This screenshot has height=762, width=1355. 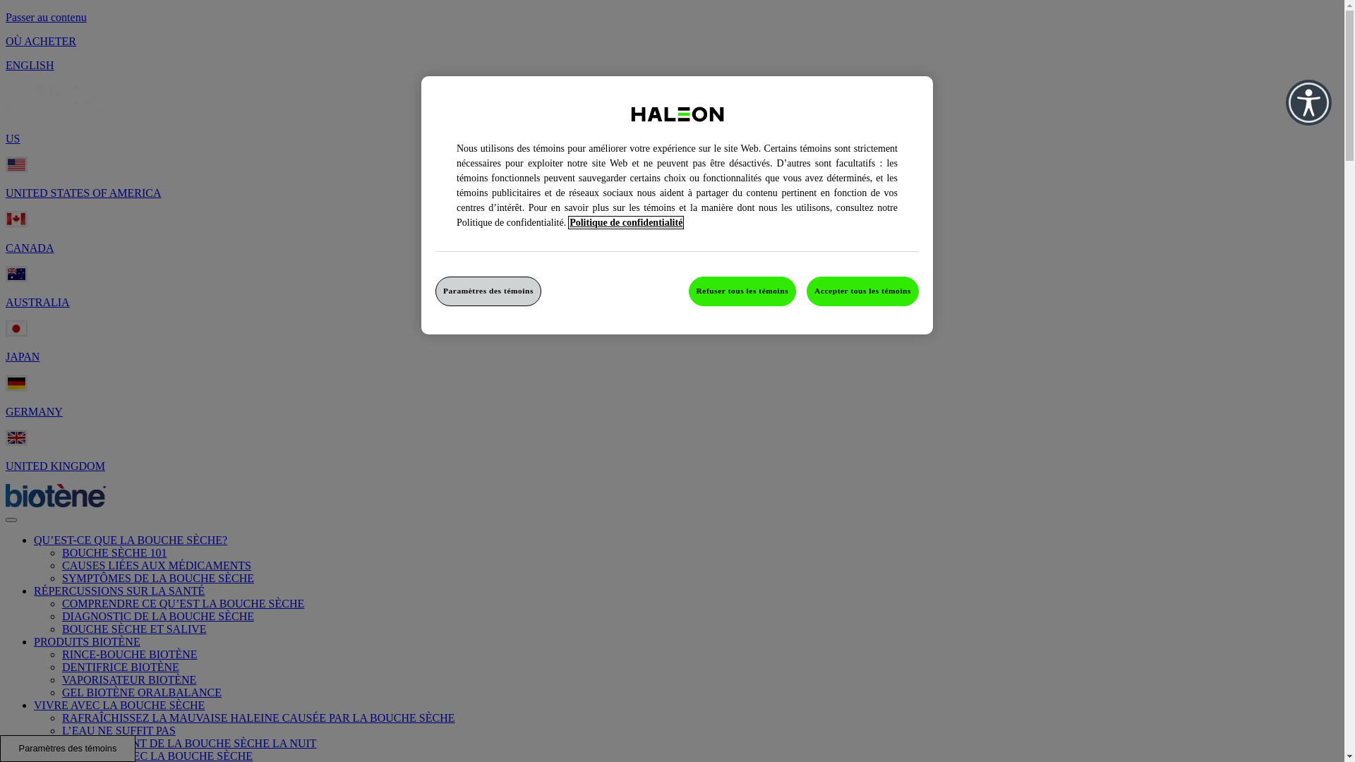 I want to click on 'CANADA', so click(x=30, y=247).